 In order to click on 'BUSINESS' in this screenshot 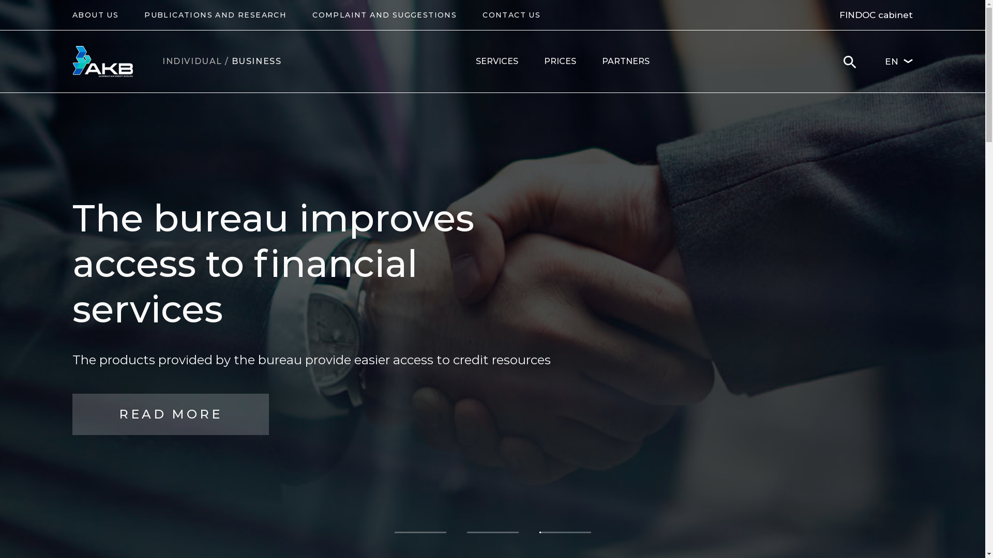, I will do `click(257, 61)`.